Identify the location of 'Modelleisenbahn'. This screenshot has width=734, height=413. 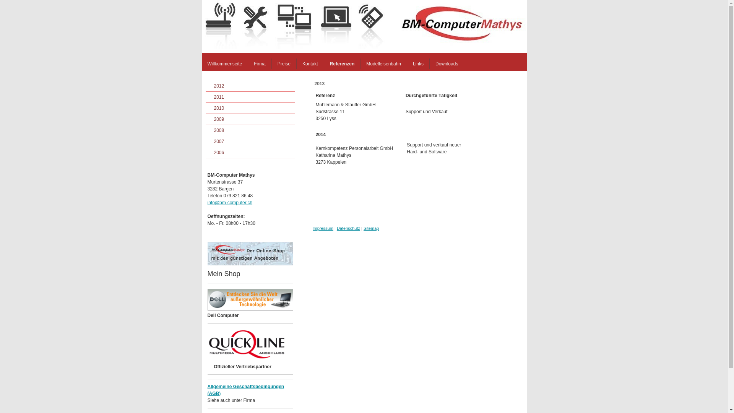
(383, 63).